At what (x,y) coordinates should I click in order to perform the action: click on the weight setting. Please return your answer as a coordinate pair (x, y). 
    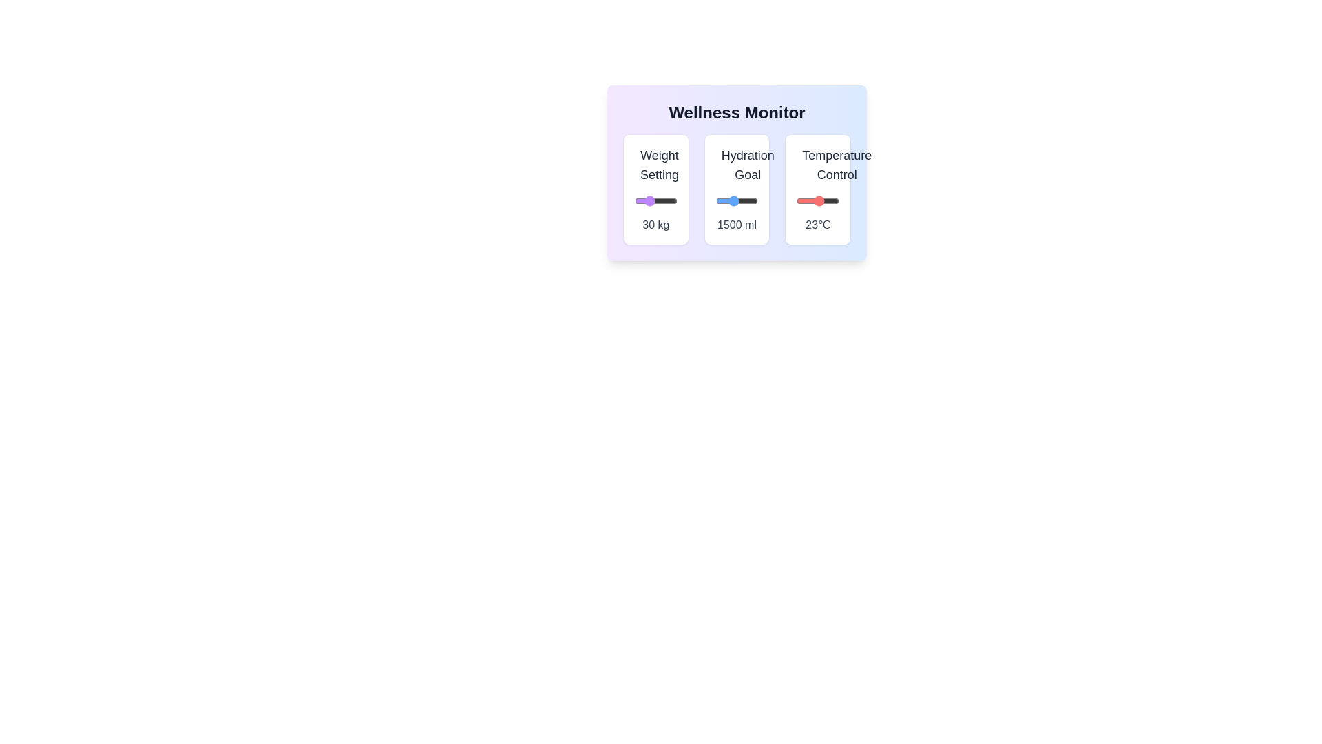
    Looking at the image, I should click on (639, 201).